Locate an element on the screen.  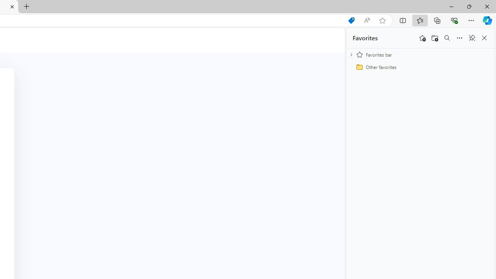
'Close favorites' is located at coordinates (484, 38).